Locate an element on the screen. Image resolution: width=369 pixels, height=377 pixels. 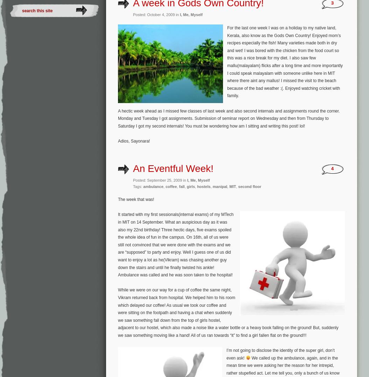
'Adios, Sayonara!' is located at coordinates (133, 140).